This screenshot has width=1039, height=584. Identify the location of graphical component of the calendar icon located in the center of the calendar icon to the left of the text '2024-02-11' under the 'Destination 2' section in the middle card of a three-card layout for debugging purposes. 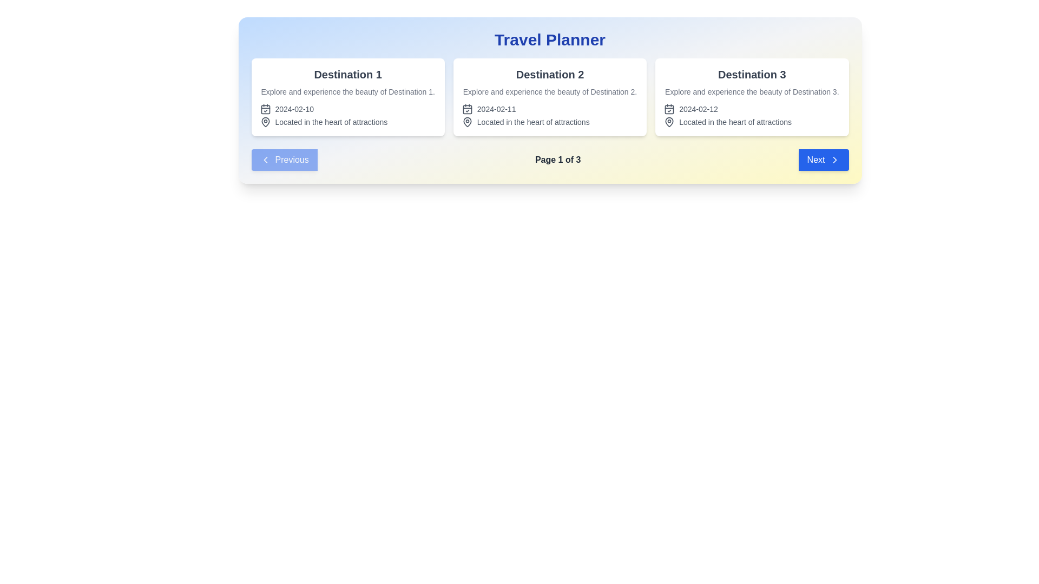
(467, 109).